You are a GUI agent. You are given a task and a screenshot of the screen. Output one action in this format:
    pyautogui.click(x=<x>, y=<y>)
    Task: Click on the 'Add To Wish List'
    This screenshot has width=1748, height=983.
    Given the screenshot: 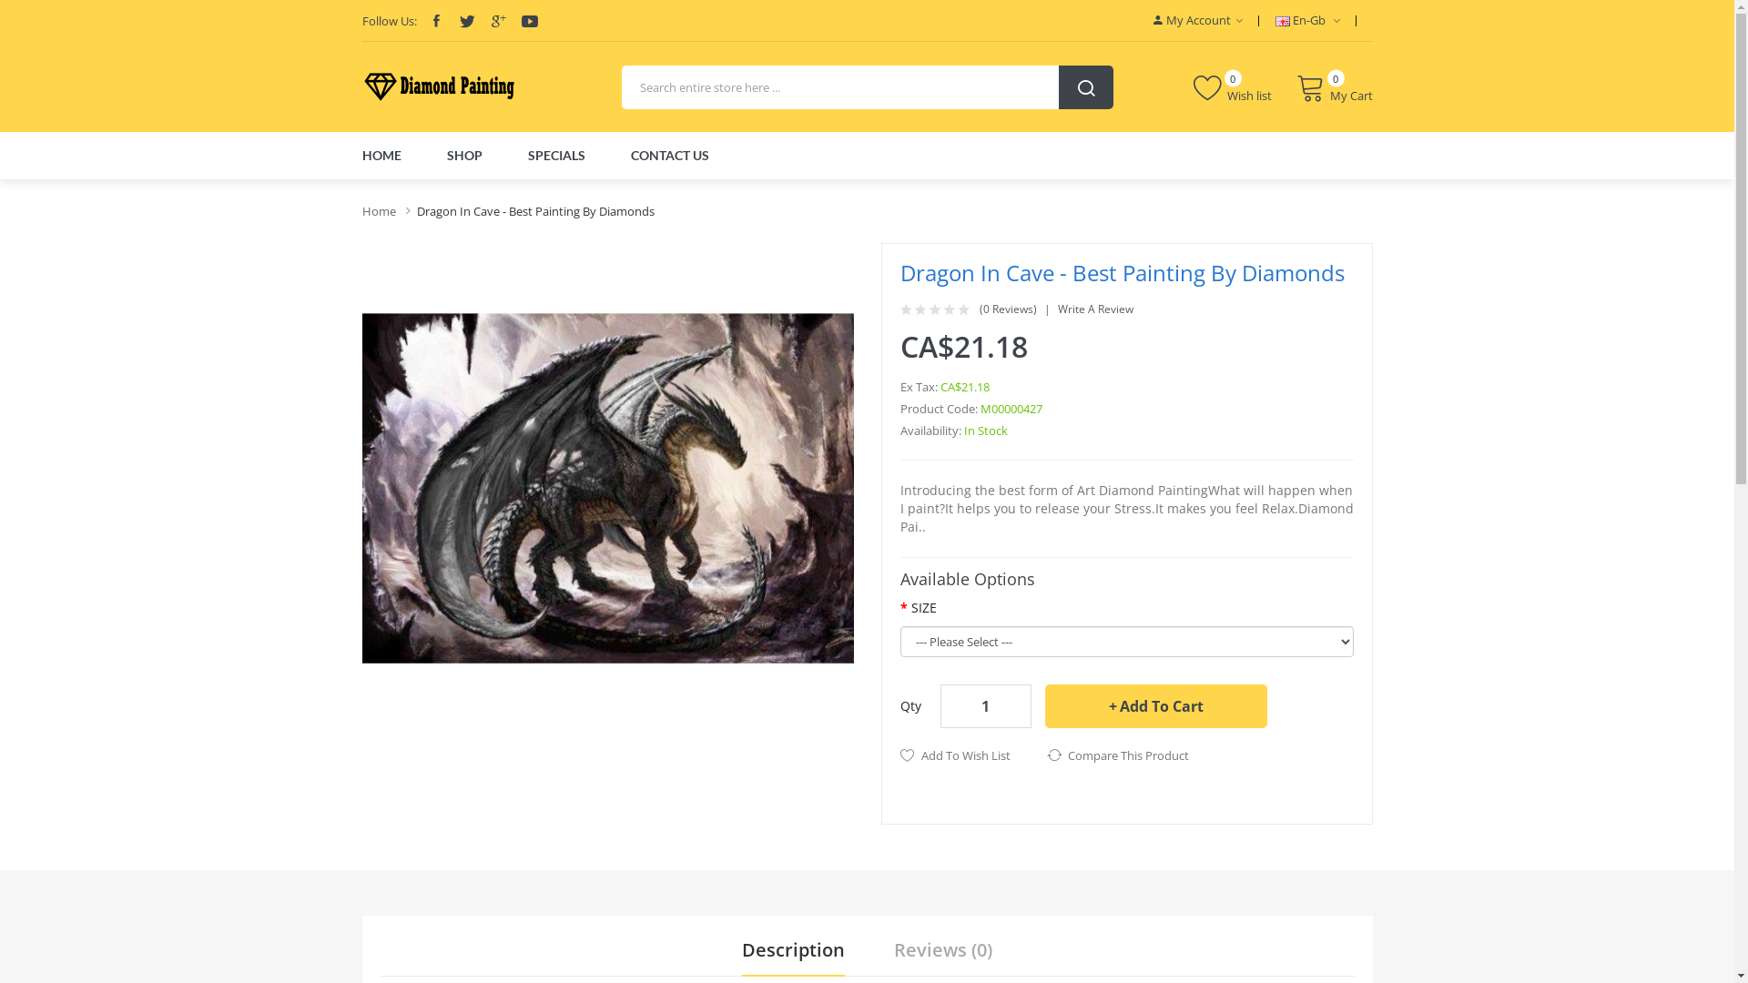 What is the action you would take?
    pyautogui.click(x=953, y=755)
    